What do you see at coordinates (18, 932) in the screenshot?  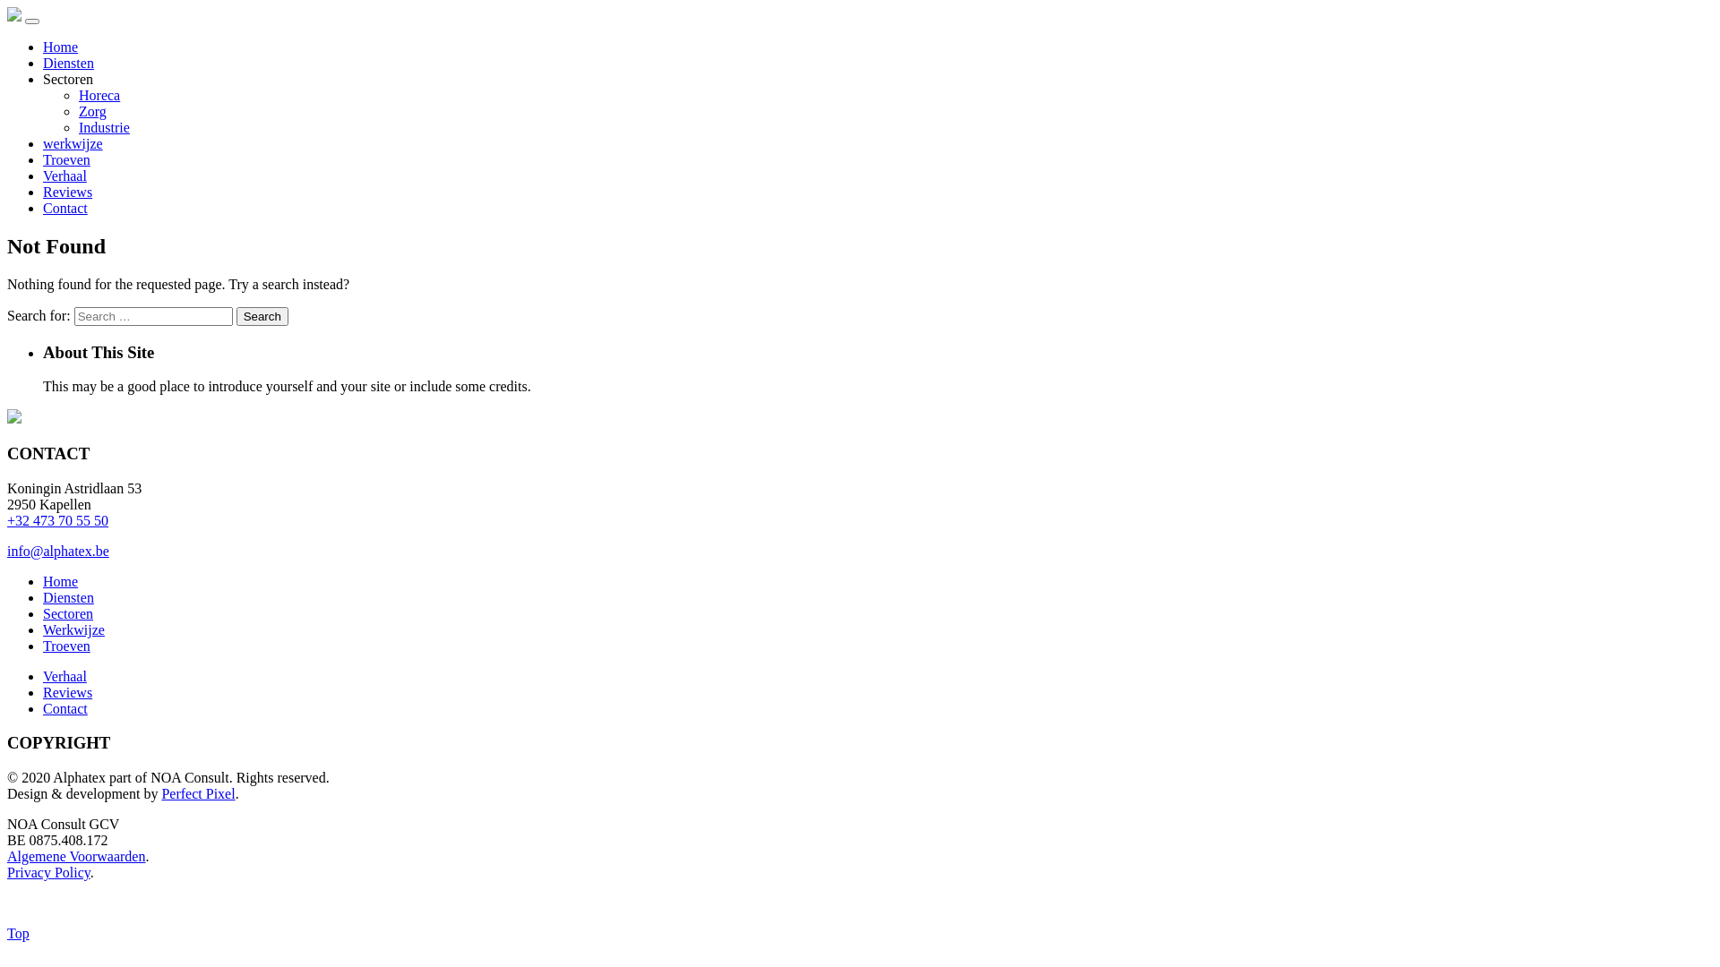 I see `'Top'` at bounding box center [18, 932].